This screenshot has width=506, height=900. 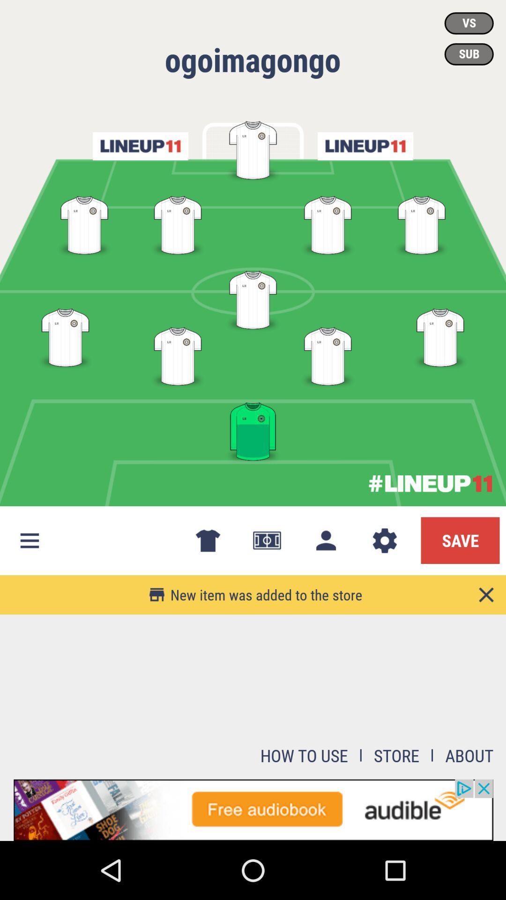 What do you see at coordinates (325, 540) in the screenshot?
I see `the avatar icon` at bounding box center [325, 540].